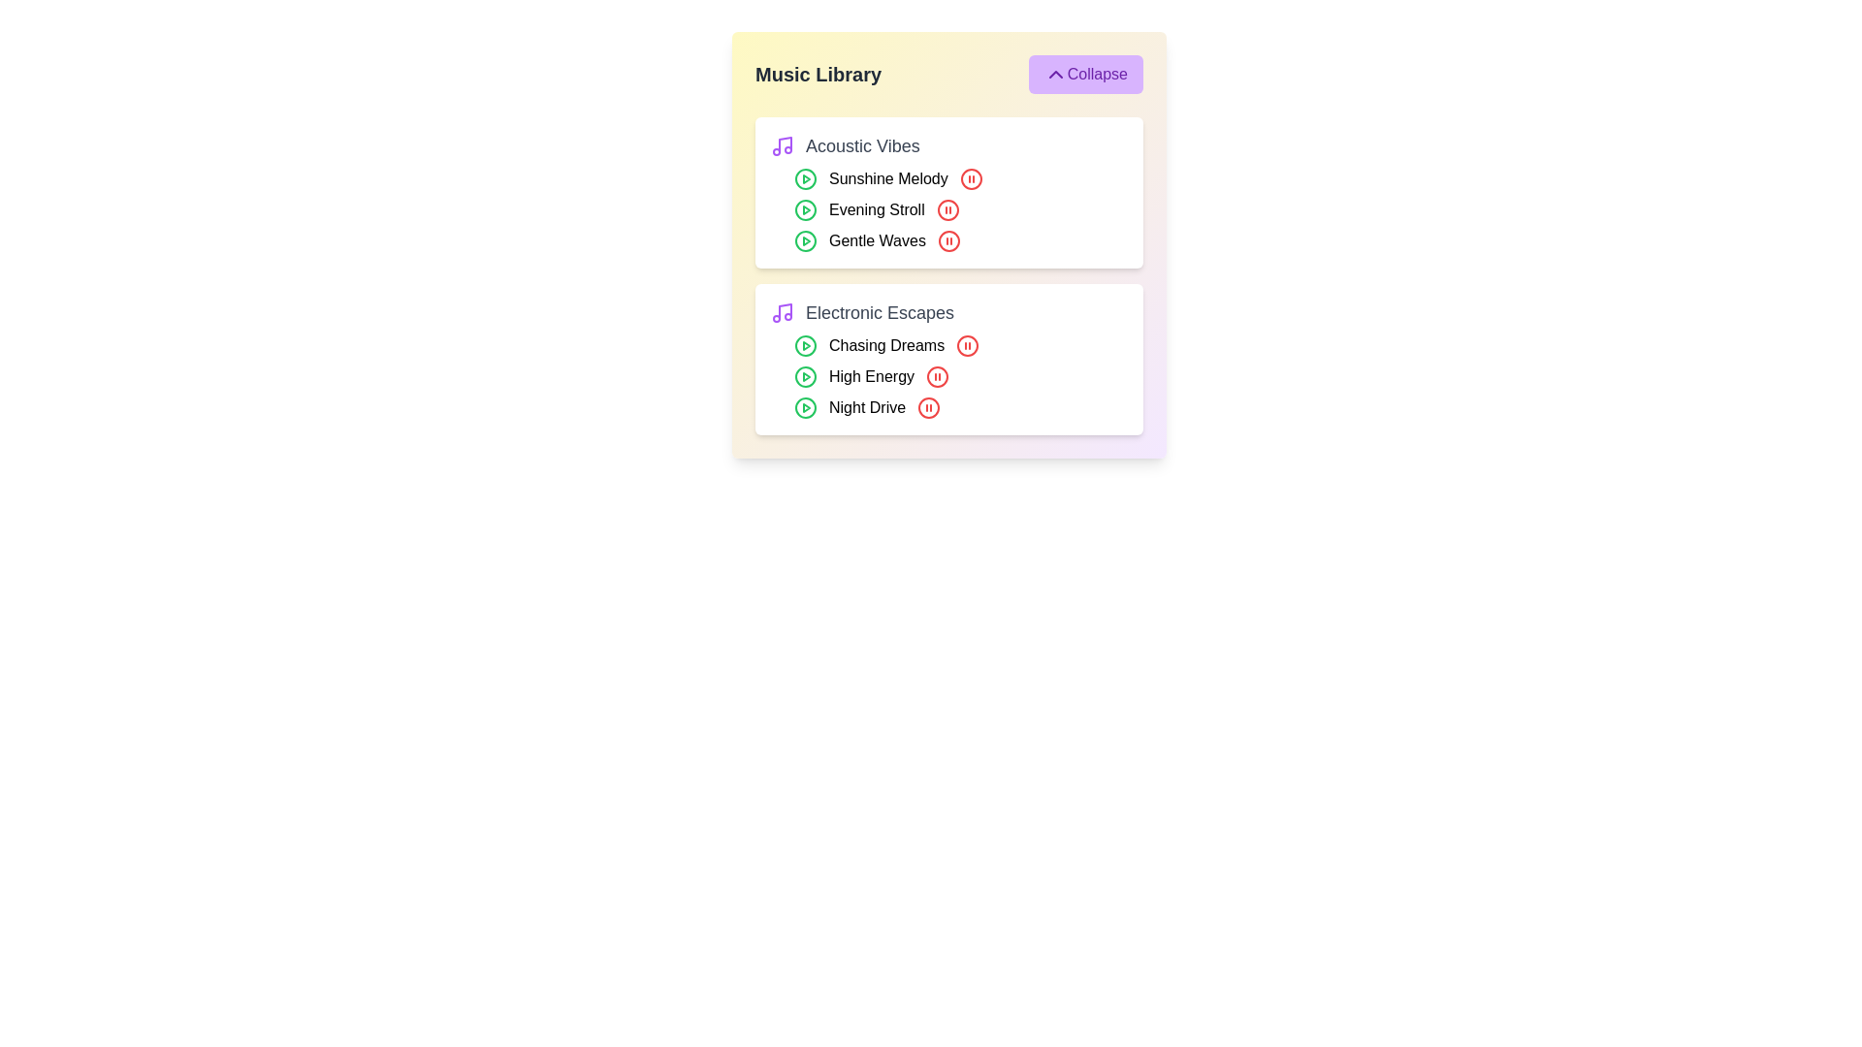 The width and height of the screenshot is (1862, 1047). What do you see at coordinates (805, 345) in the screenshot?
I see `the play button for the track Chasing Dreams` at bounding box center [805, 345].